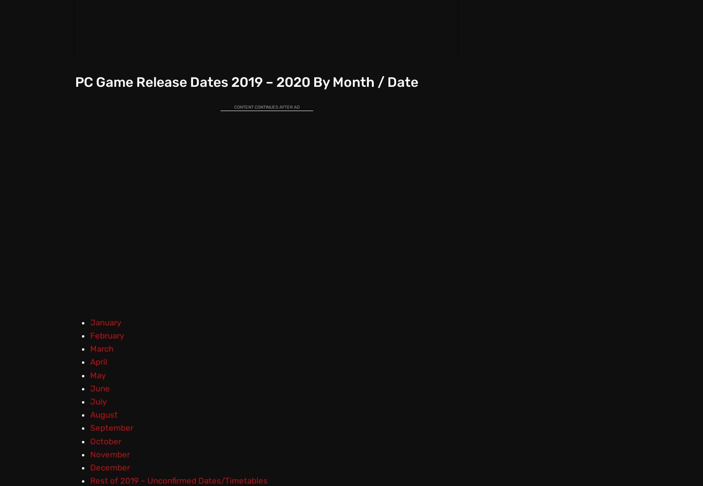 This screenshot has width=703, height=486. What do you see at coordinates (109, 467) in the screenshot?
I see `'December'` at bounding box center [109, 467].